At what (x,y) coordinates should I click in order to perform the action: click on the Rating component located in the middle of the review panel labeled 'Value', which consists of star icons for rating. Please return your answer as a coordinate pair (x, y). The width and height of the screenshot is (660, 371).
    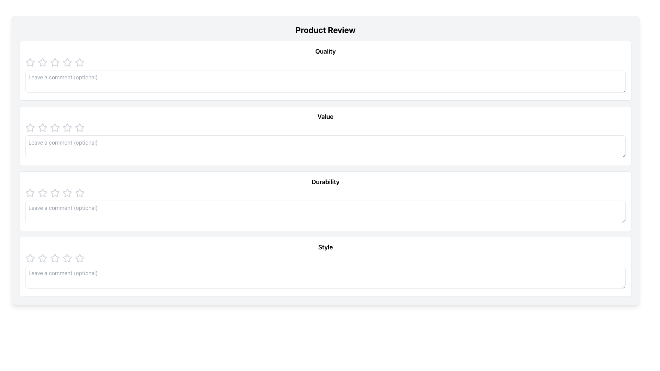
    Looking at the image, I should click on (325, 127).